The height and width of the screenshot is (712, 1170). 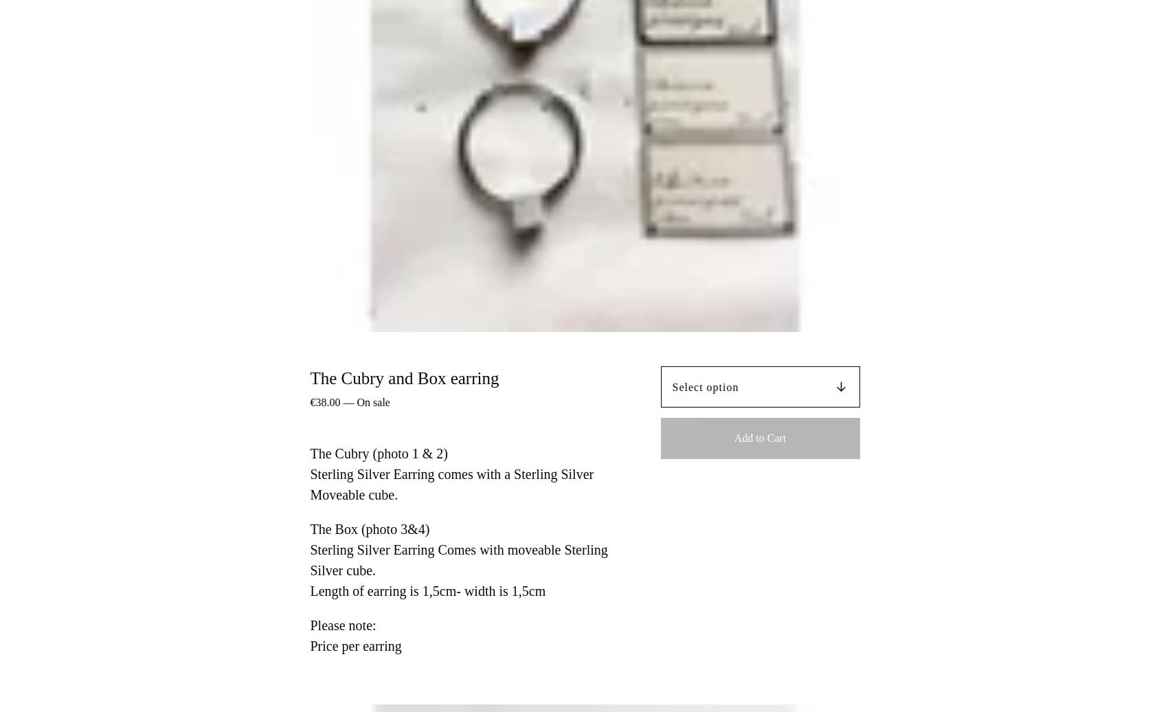 I want to click on 'The Cubry (photo 1 & 2)', so click(x=378, y=454).